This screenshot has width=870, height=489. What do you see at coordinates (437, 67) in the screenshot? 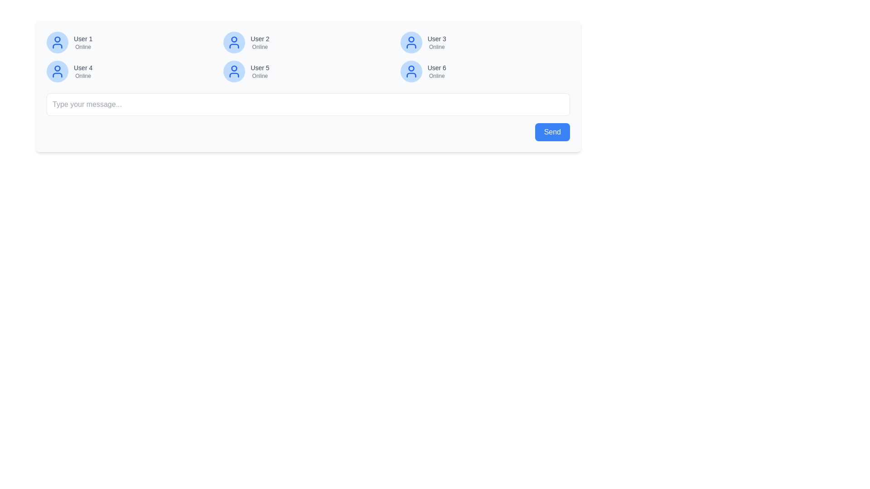
I see `the text label 'User 6' located in the lower-right corner of the interface, which identifies the user associated with this entry` at bounding box center [437, 67].